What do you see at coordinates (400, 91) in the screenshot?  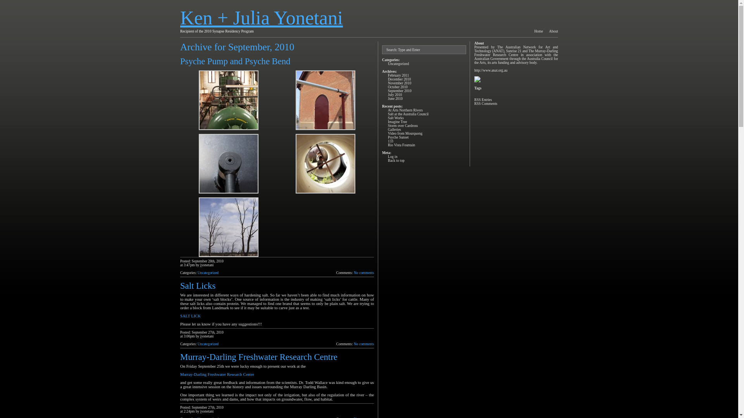 I see `'September 2010'` at bounding box center [400, 91].